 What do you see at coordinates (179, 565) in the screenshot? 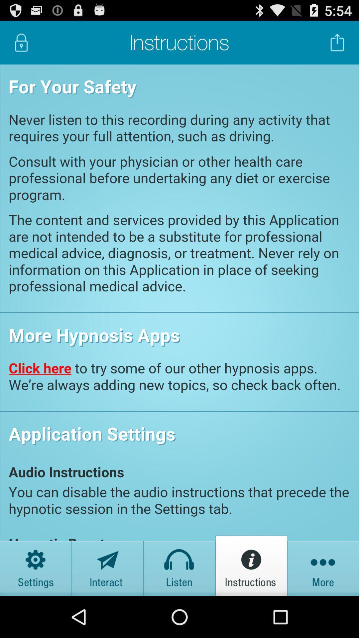
I see `the listen tab` at bounding box center [179, 565].